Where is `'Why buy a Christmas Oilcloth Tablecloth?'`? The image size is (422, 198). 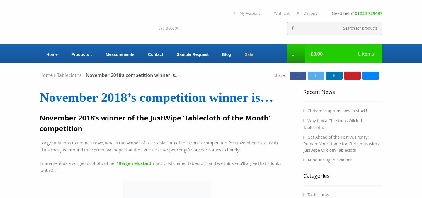 'Why buy a Christmas Oilcloth Tablecloth?' is located at coordinates (333, 123).